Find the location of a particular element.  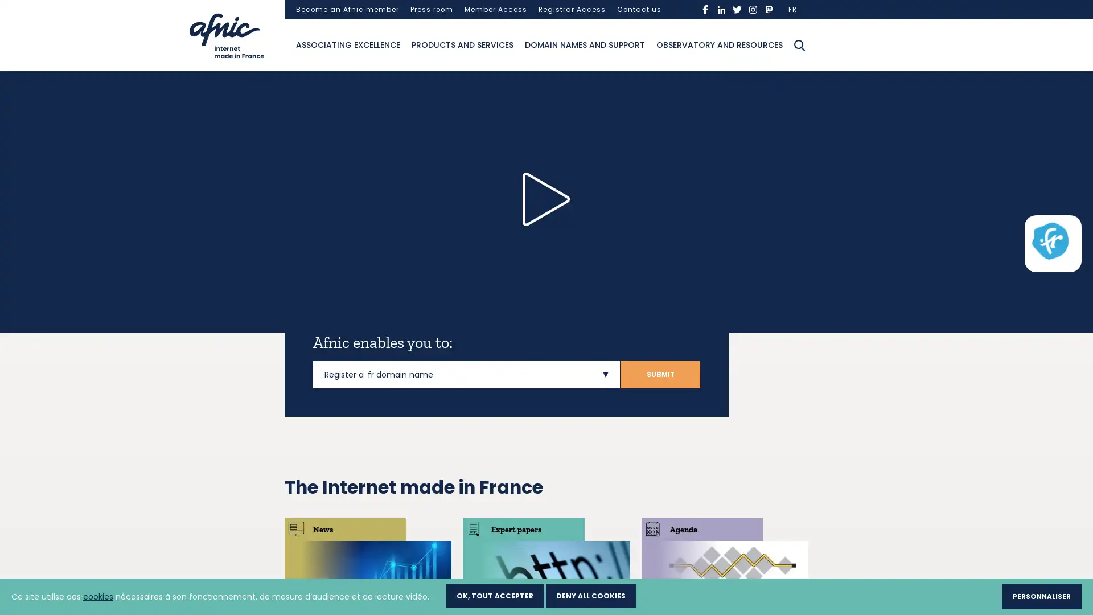

Ouvrir la pastille .fr is located at coordinates (1049, 240).